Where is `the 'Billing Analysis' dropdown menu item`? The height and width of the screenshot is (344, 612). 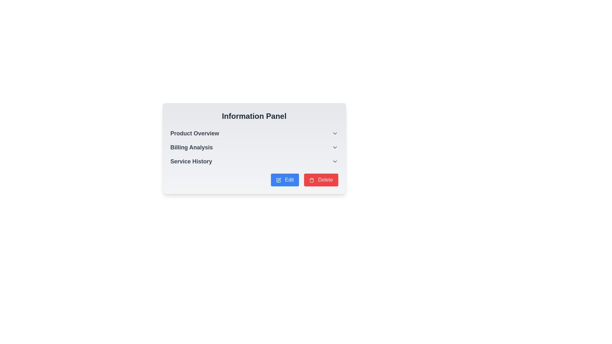 the 'Billing Analysis' dropdown menu item is located at coordinates (254, 147).